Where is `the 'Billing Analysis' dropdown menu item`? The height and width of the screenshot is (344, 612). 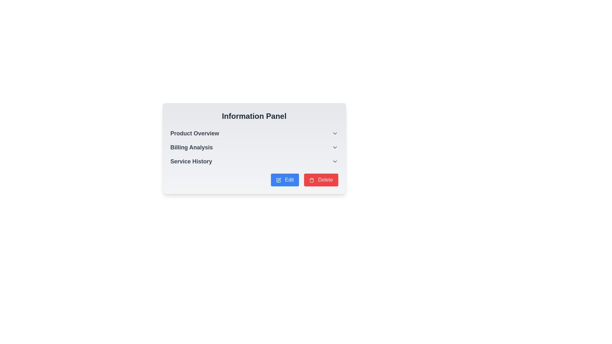 the 'Billing Analysis' dropdown menu item is located at coordinates (254, 147).